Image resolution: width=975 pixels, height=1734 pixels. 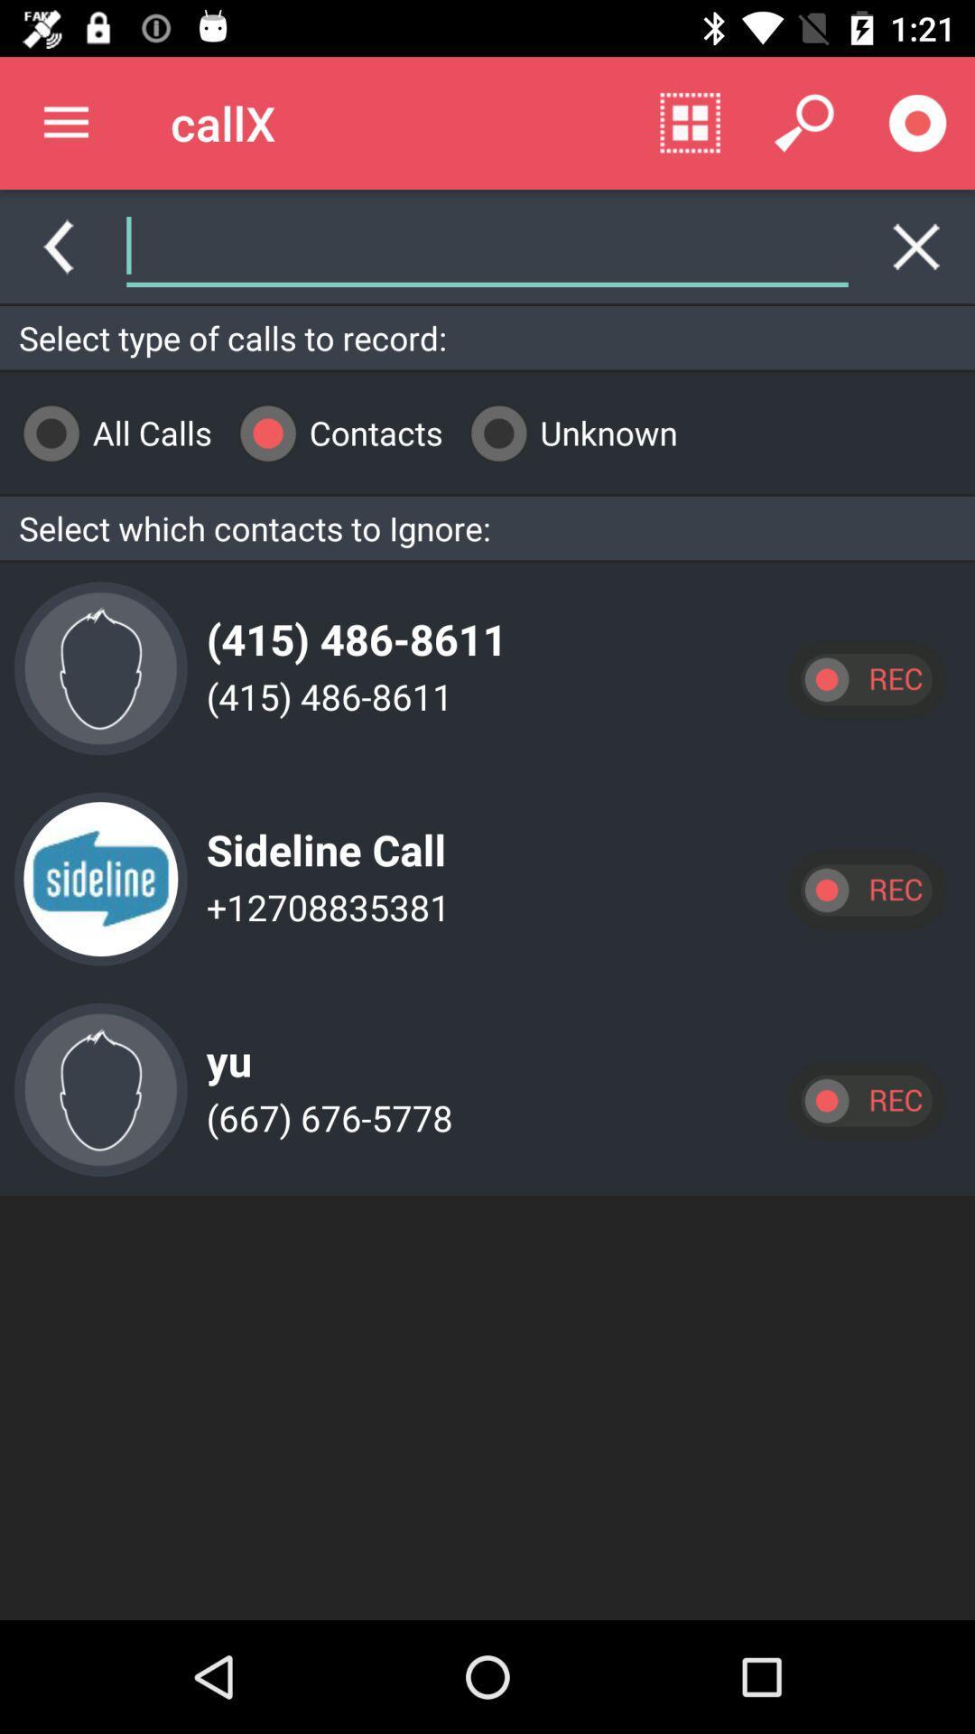 I want to click on the yu item, so click(x=223, y=1046).